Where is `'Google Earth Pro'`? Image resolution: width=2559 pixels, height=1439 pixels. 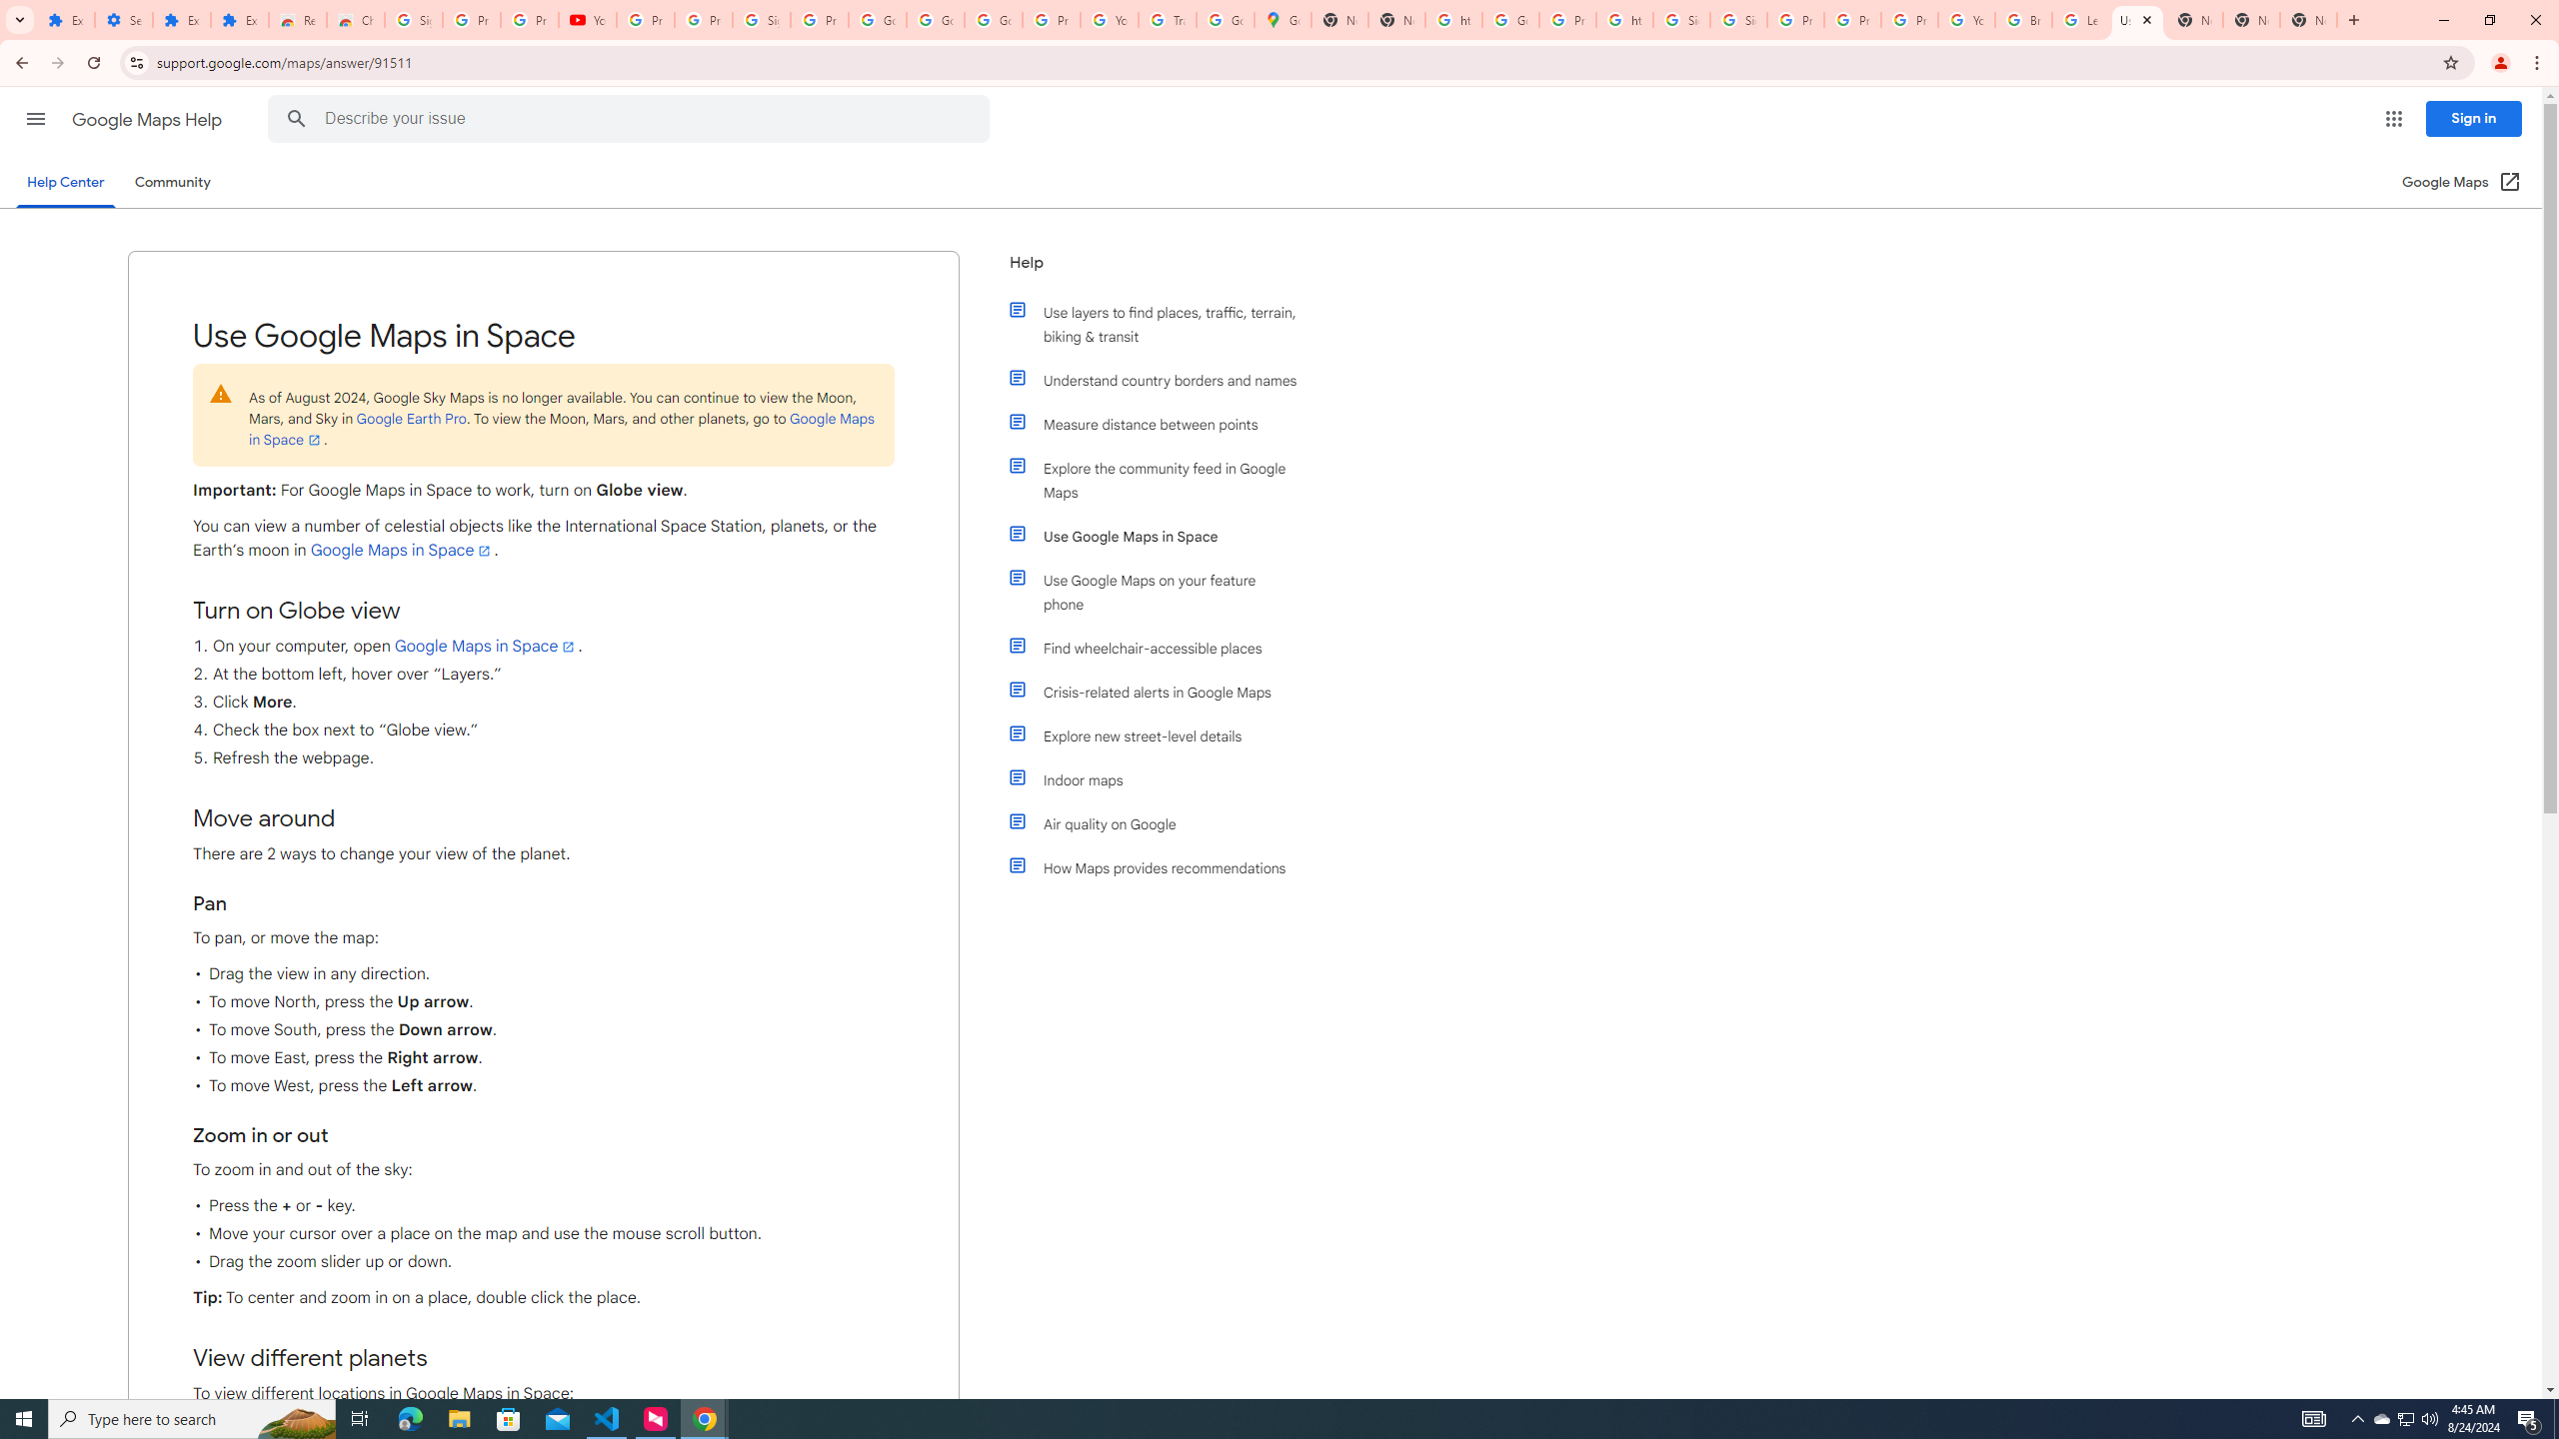
'Google Earth Pro' is located at coordinates (409, 418).